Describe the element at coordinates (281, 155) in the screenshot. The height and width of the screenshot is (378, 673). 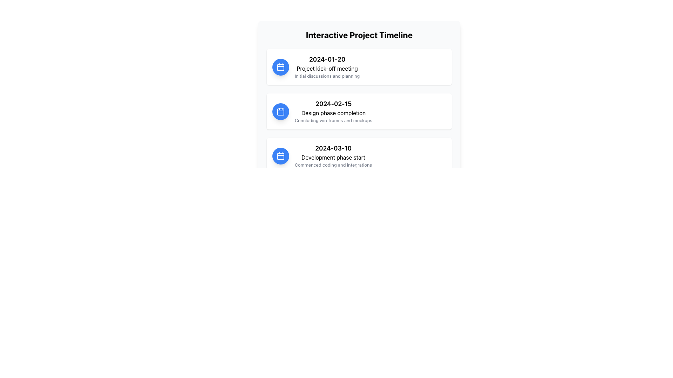
I see `the calendar icon button located at the top left corner of the 'Development phase start' card, which is positioned inside a blue circle` at that location.